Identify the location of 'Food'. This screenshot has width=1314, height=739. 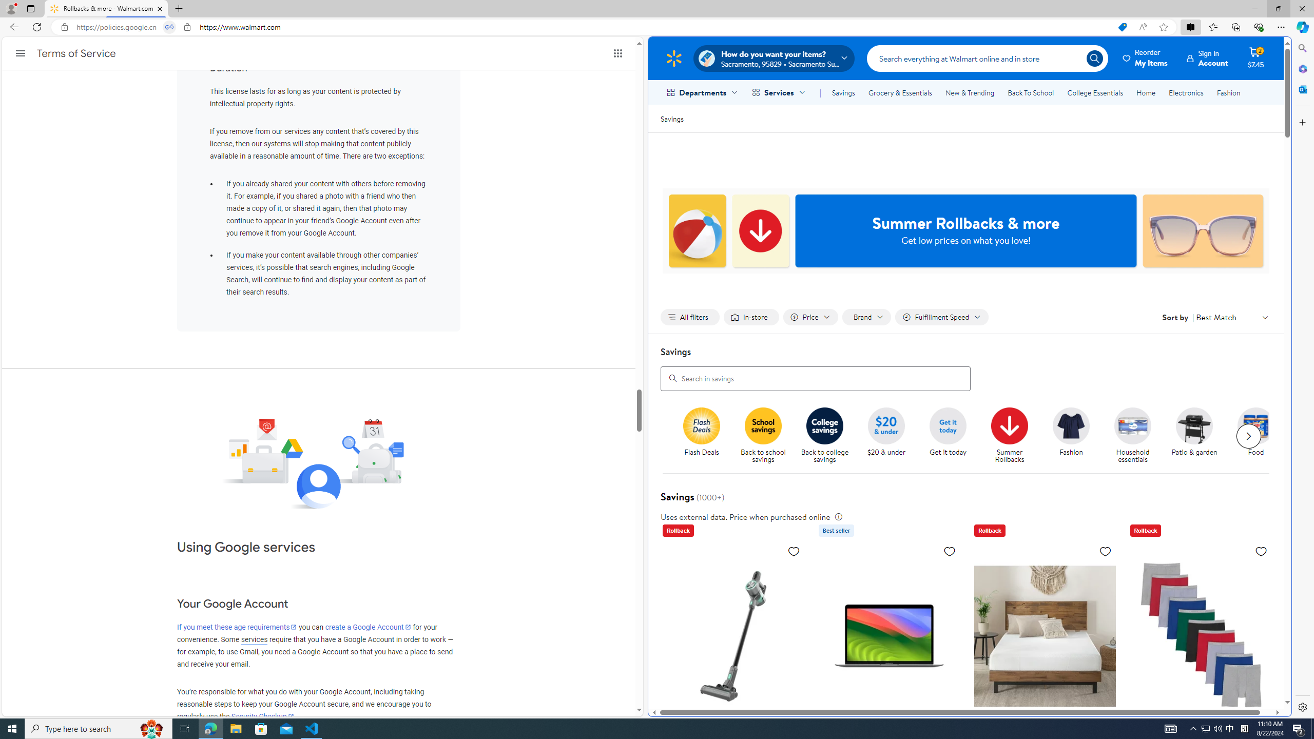
(1255, 425).